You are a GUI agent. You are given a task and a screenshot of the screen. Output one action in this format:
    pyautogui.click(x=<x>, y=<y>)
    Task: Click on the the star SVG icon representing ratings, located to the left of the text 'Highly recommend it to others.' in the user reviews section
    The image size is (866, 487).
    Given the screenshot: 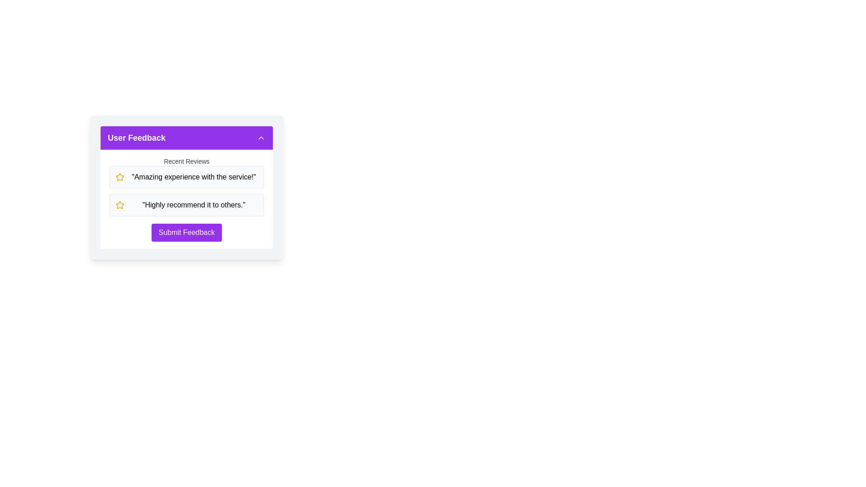 What is the action you would take?
    pyautogui.click(x=119, y=177)
    